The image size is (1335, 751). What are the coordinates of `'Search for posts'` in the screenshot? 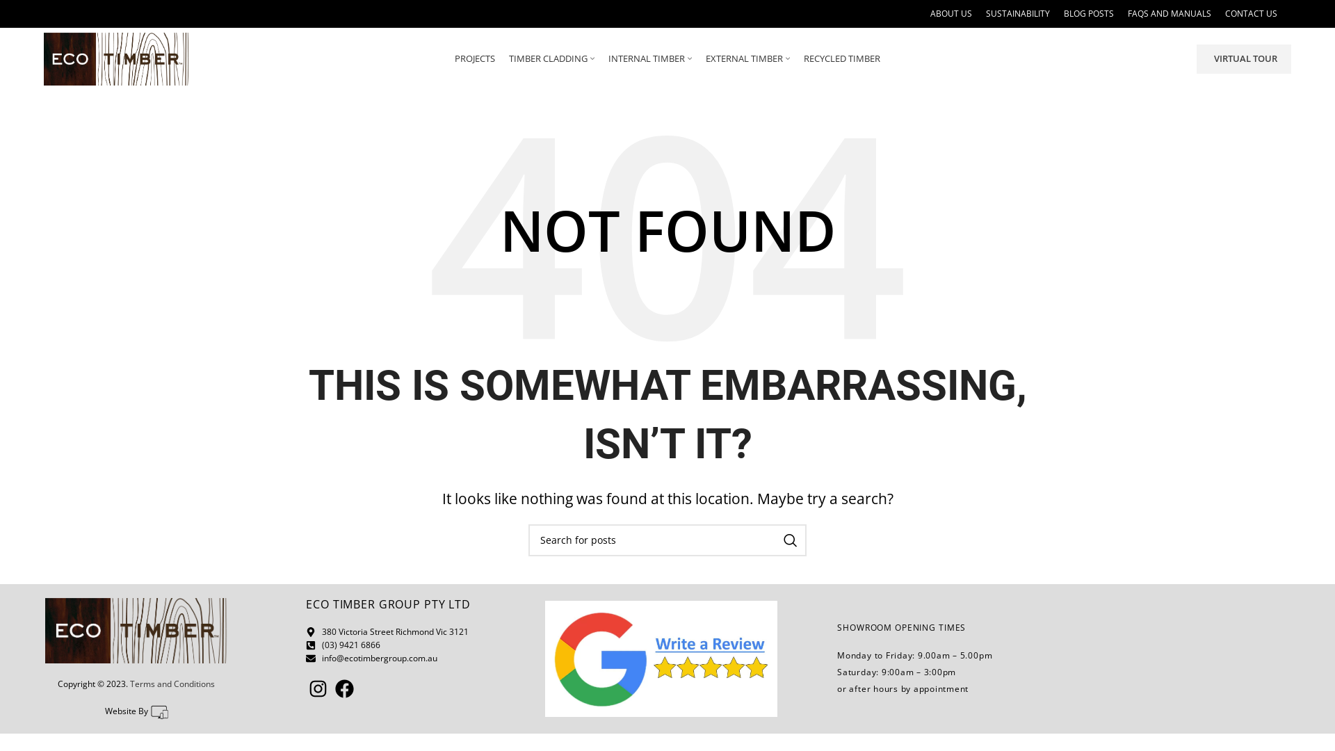 It's located at (667, 539).